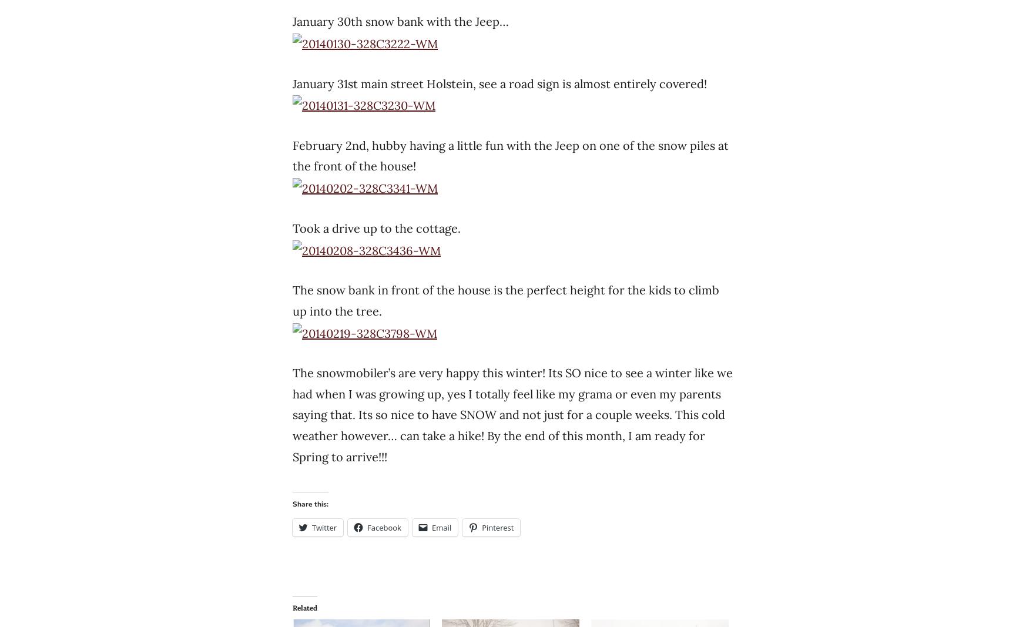 This screenshot has width=1026, height=627. What do you see at coordinates (505, 299) in the screenshot?
I see `'The snow bank in front of the house is the perfect height for the kids to climb up into the tree.'` at bounding box center [505, 299].